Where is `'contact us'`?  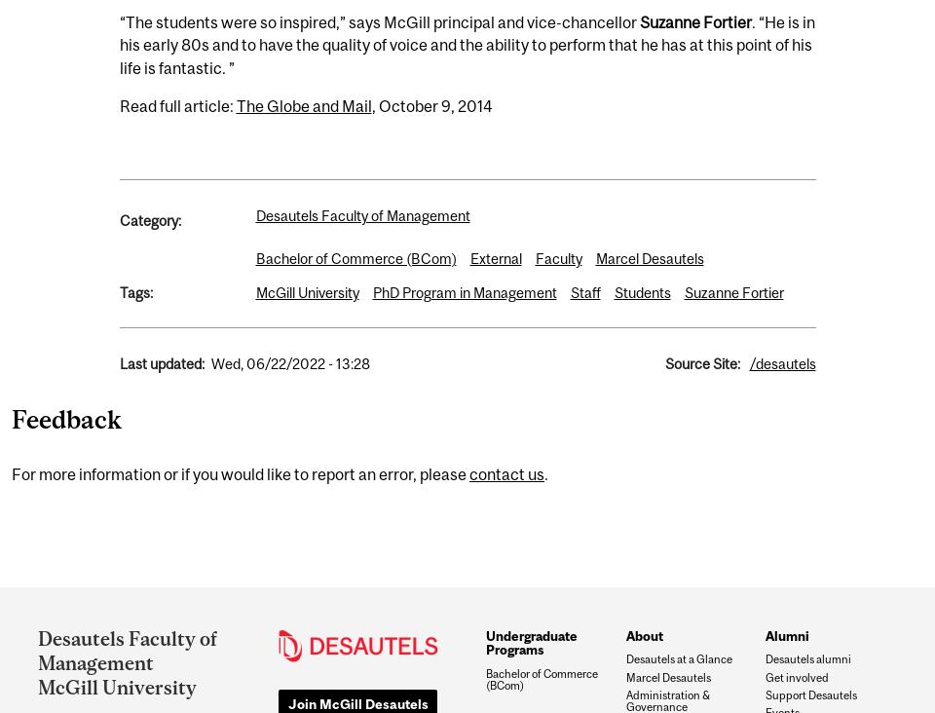
'contact us' is located at coordinates (468, 472).